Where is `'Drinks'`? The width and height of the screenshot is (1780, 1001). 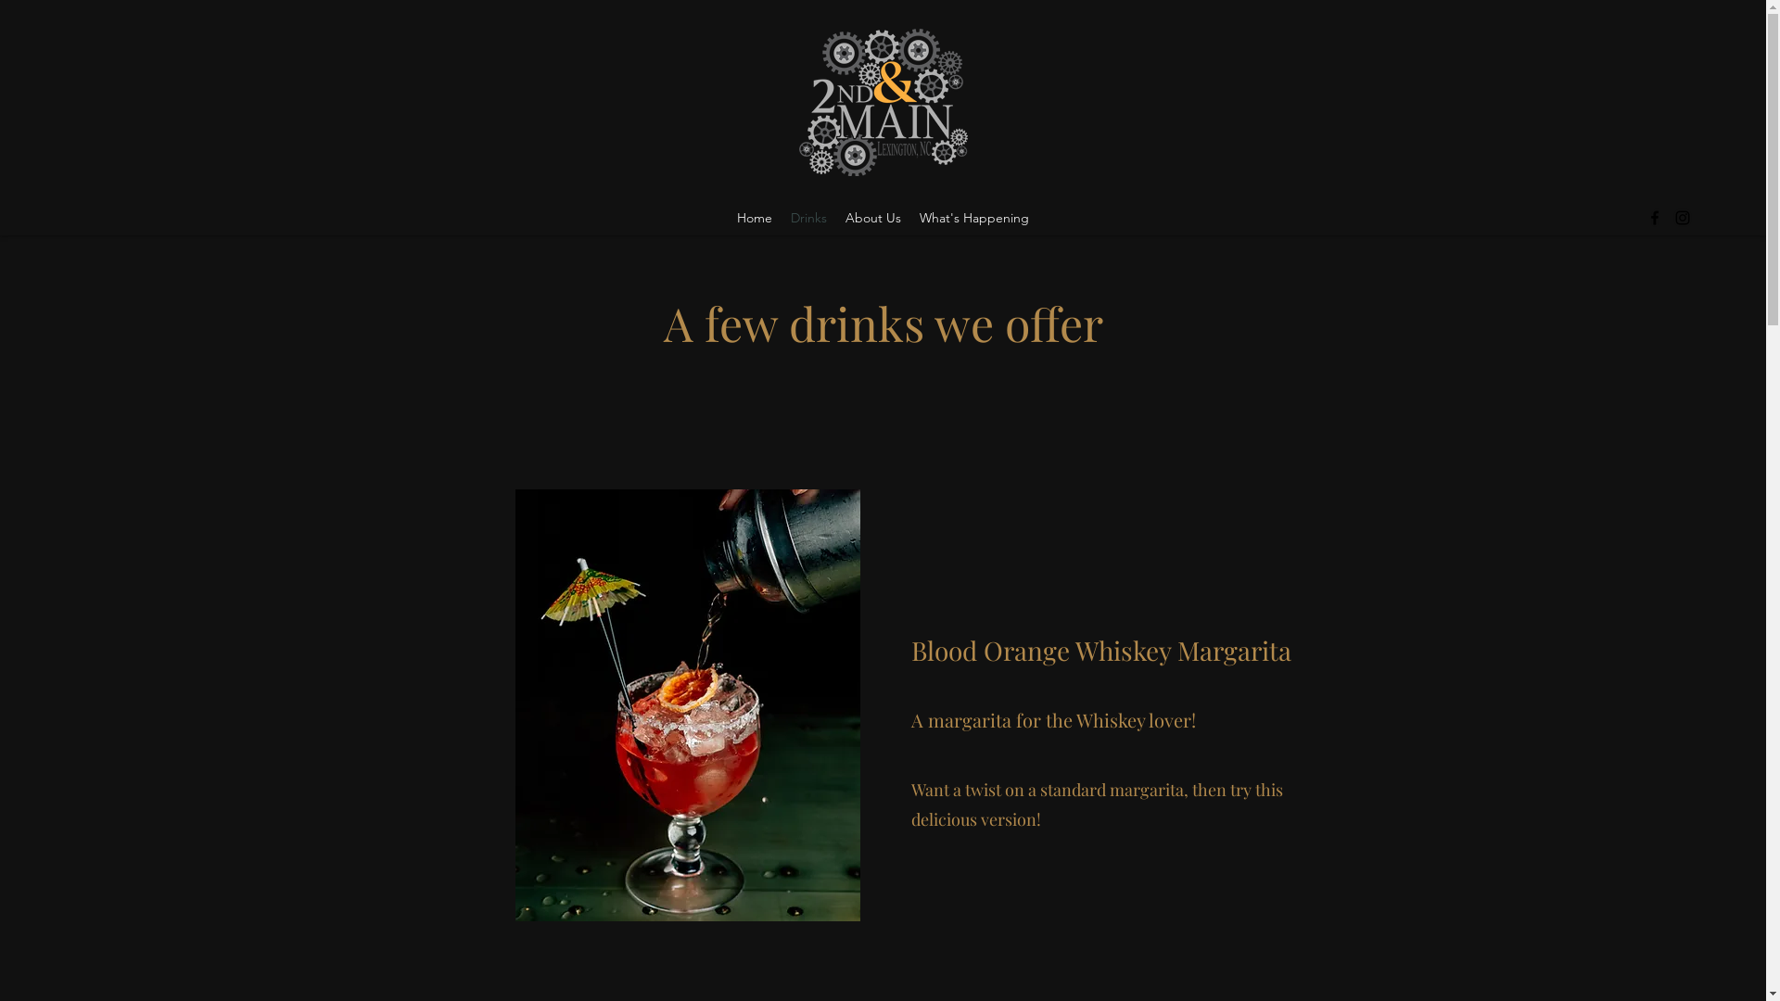 'Drinks' is located at coordinates (808, 217).